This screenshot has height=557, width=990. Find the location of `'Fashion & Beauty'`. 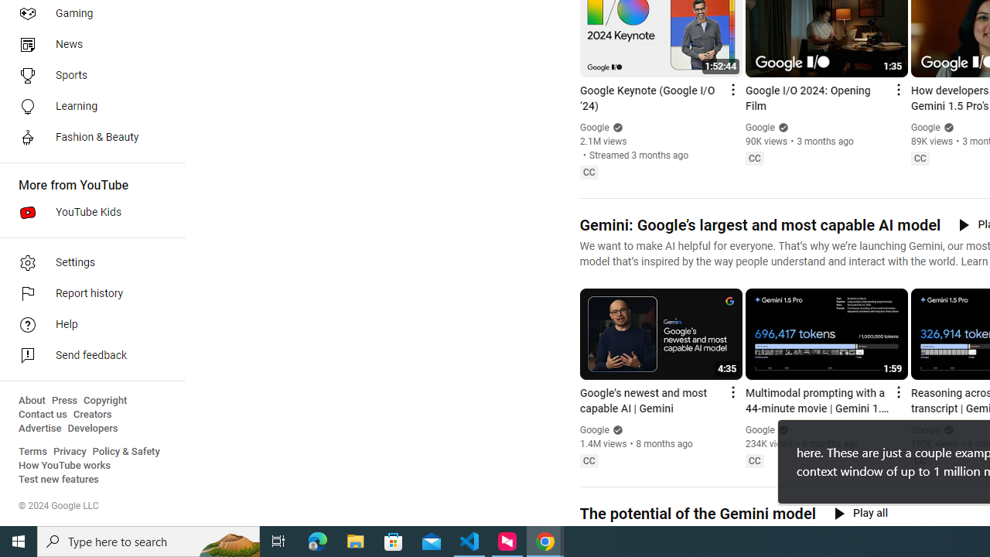

'Fashion & Beauty' is located at coordinates (87, 136).